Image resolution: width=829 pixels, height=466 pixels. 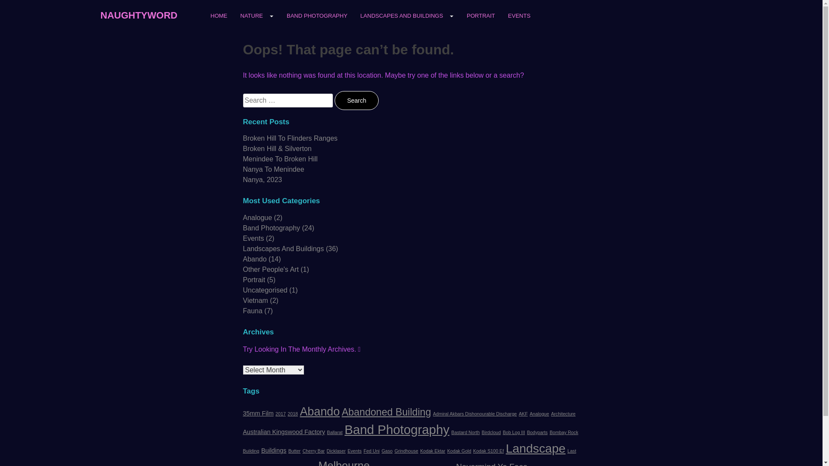 I want to click on 'Australian Kingswood Factory', so click(x=284, y=432).